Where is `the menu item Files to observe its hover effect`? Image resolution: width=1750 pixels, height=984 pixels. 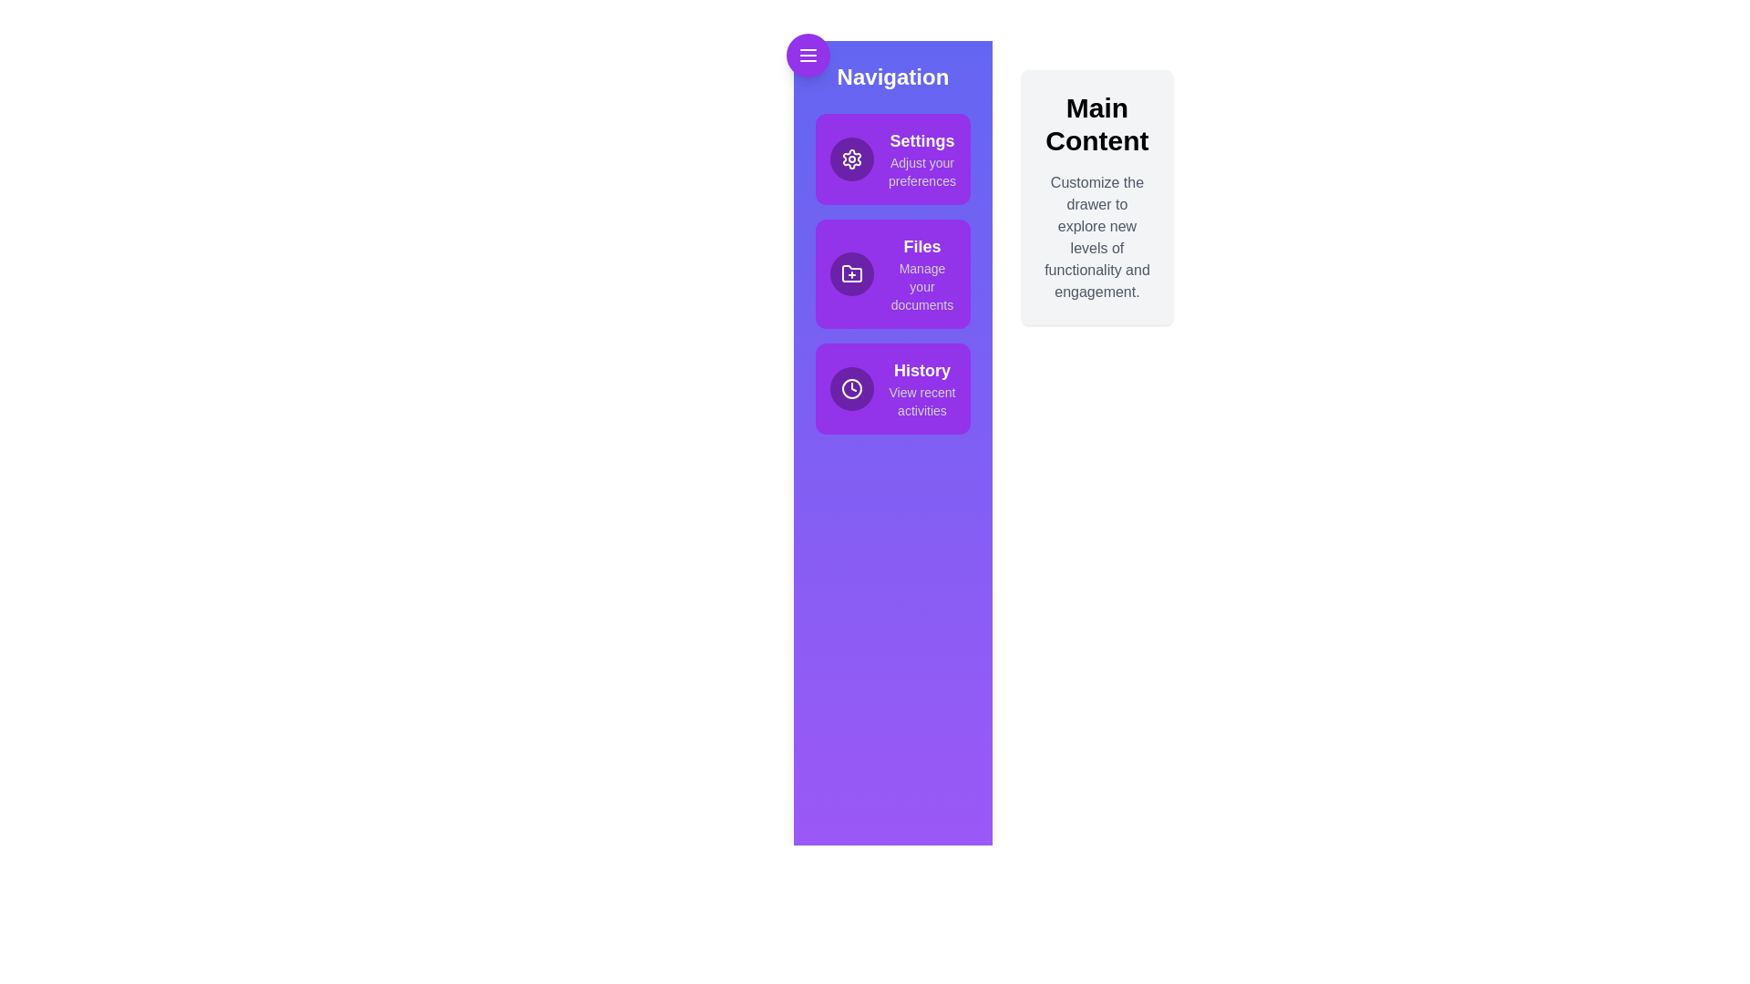 the menu item Files to observe its hover effect is located at coordinates (892, 273).